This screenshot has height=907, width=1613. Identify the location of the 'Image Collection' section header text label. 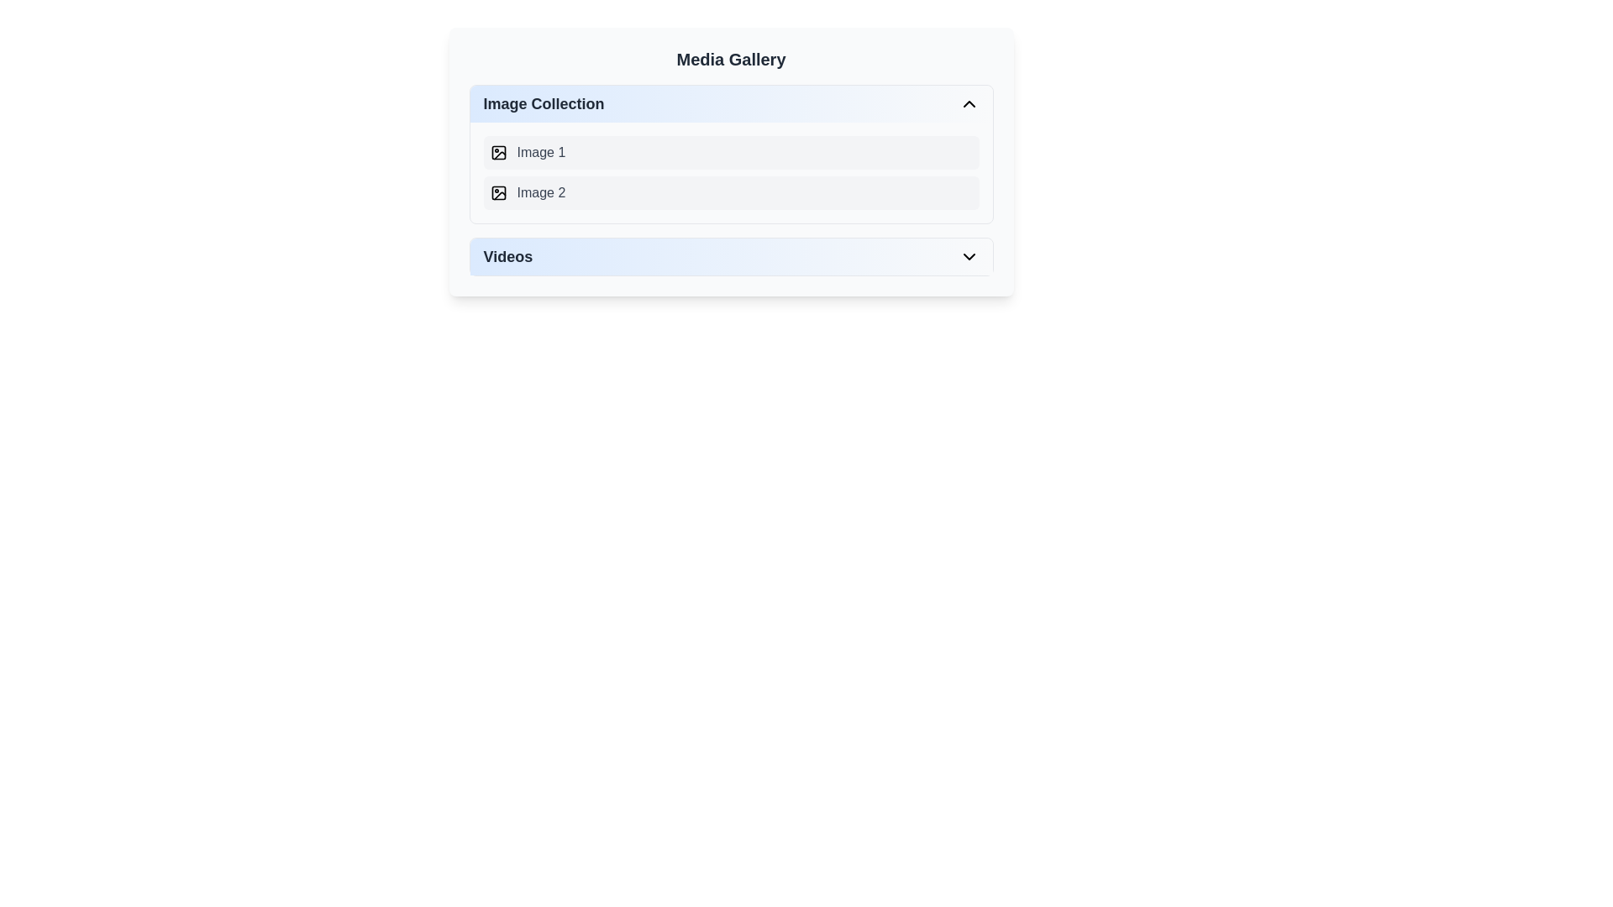
(544, 103).